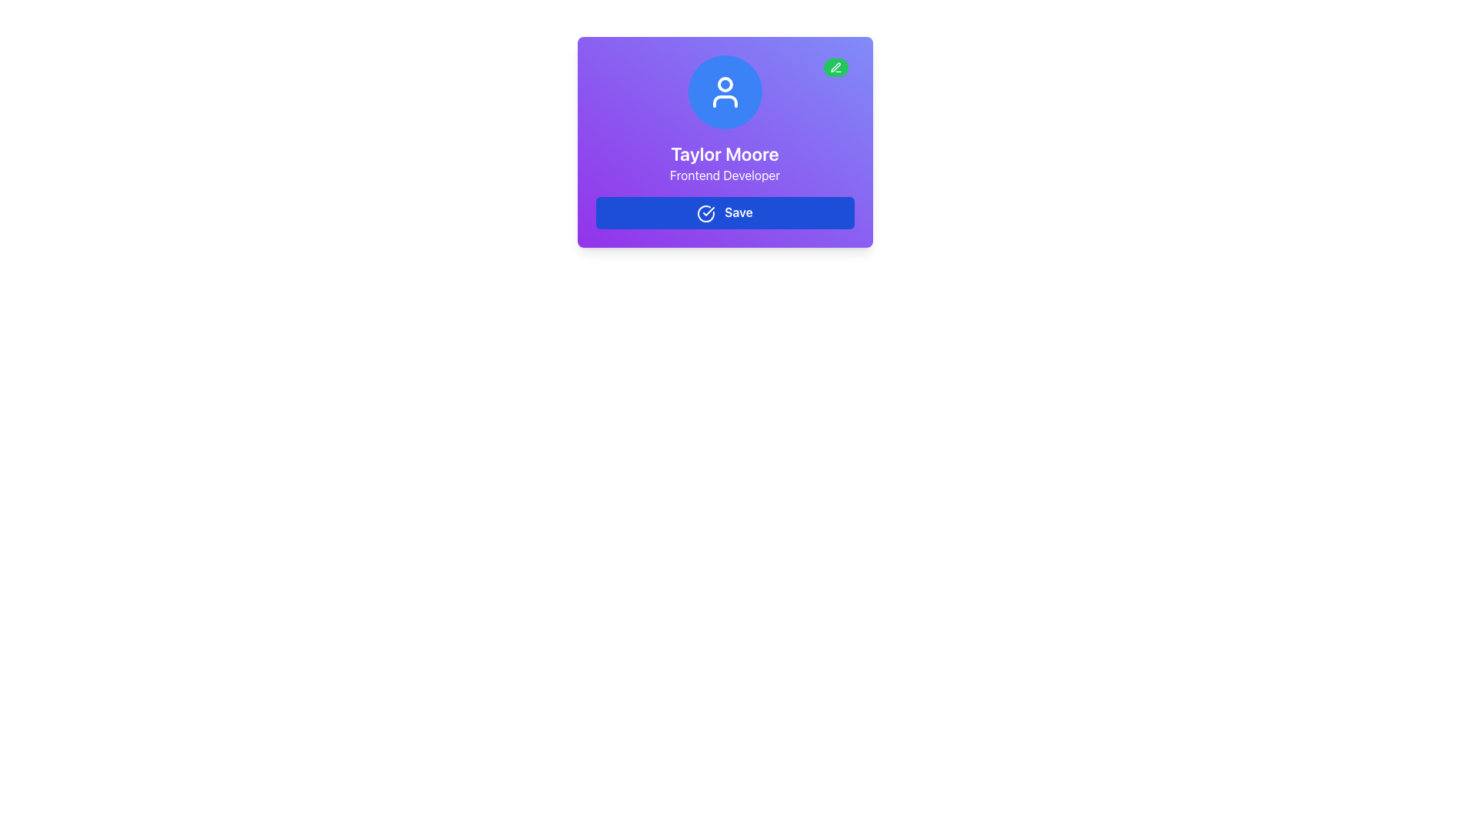 The image size is (1477, 831). I want to click on the thin outlined icon resembling a tilted pen located in the top-right corner of the purple card with the text 'Taylor Moore' and 'Frontend Developer', so click(835, 66).